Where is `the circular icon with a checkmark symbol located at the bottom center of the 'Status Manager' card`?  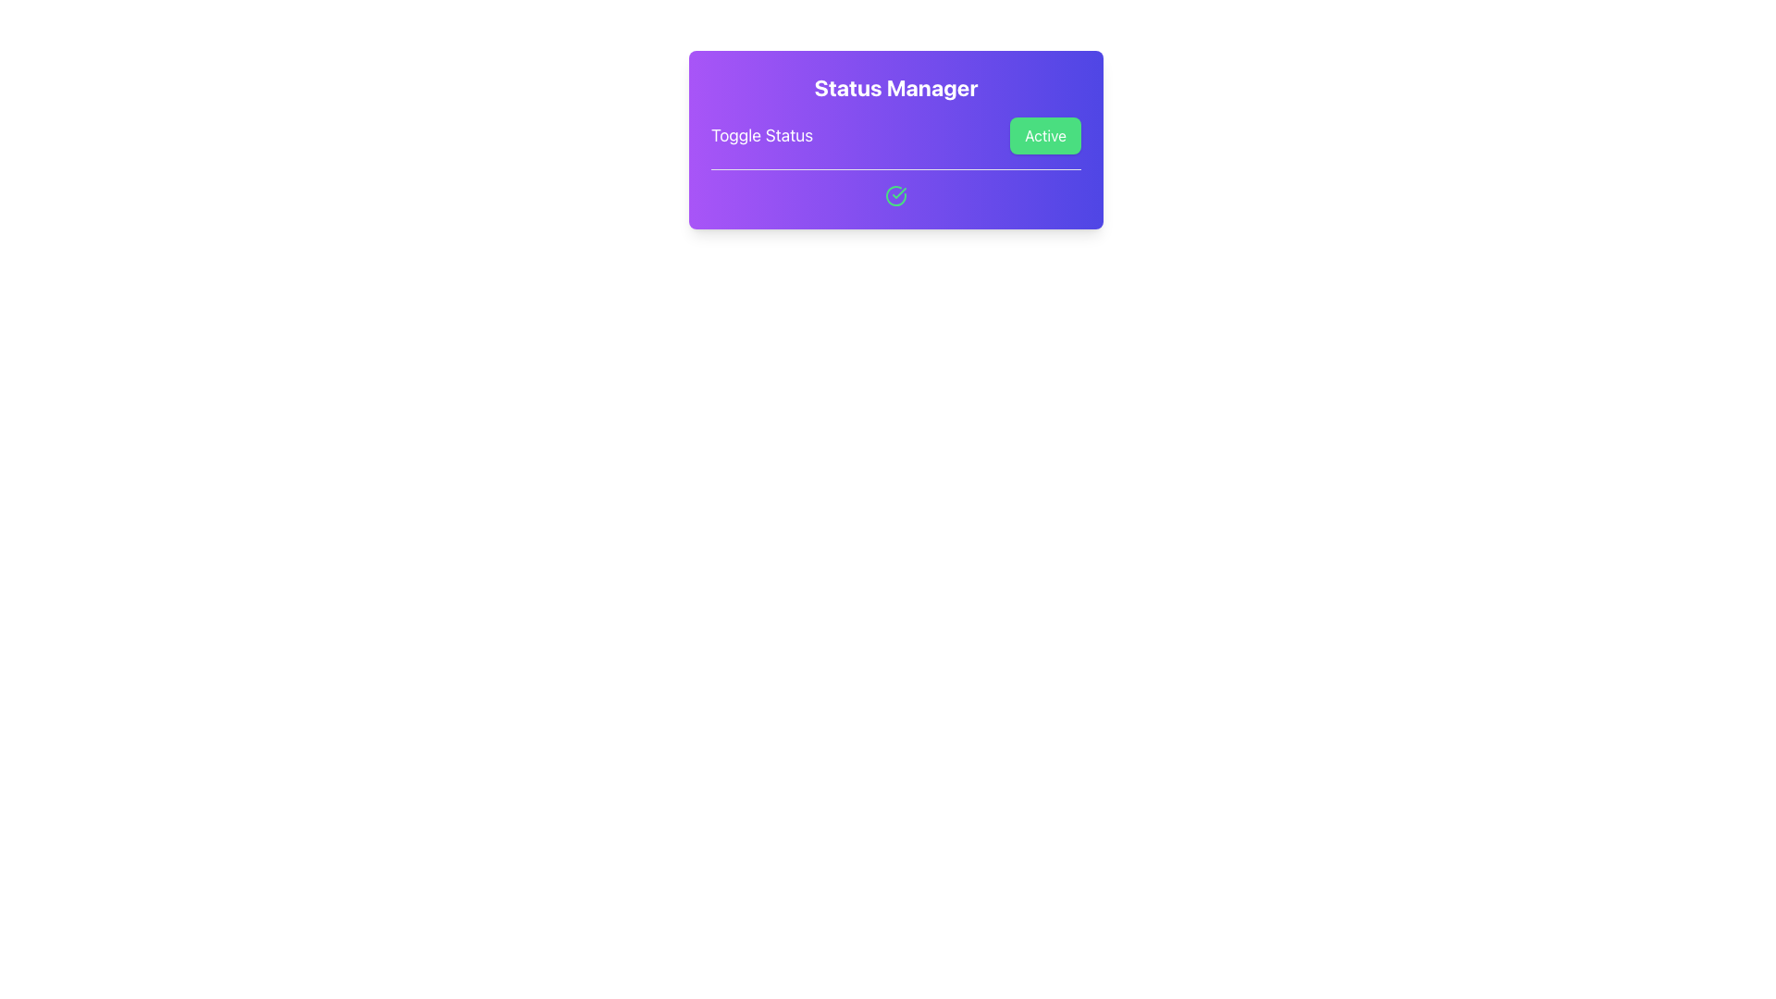
the circular icon with a checkmark symbol located at the bottom center of the 'Status Manager' card is located at coordinates (896, 196).